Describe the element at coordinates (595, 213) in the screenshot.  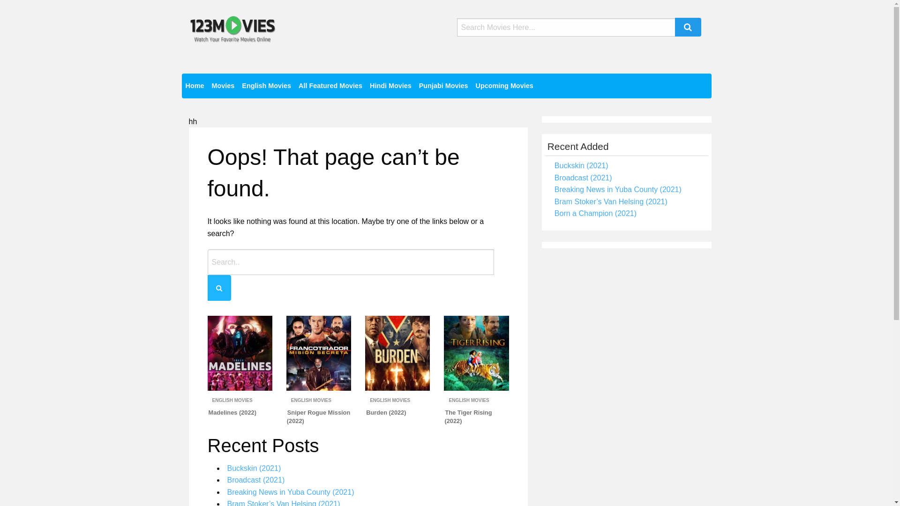
I see `'Born a Champion (2021)'` at that location.